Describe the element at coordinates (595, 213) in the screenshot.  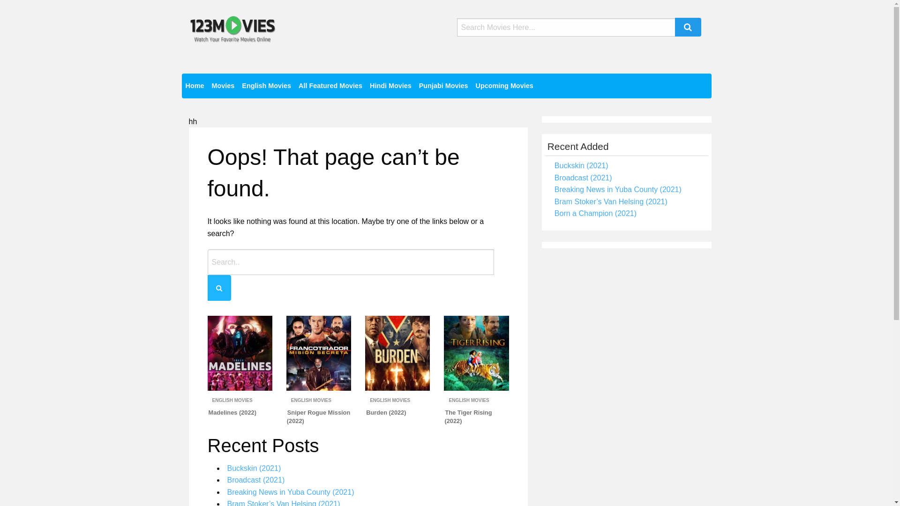
I see `'Born a Champion (2021)'` at that location.